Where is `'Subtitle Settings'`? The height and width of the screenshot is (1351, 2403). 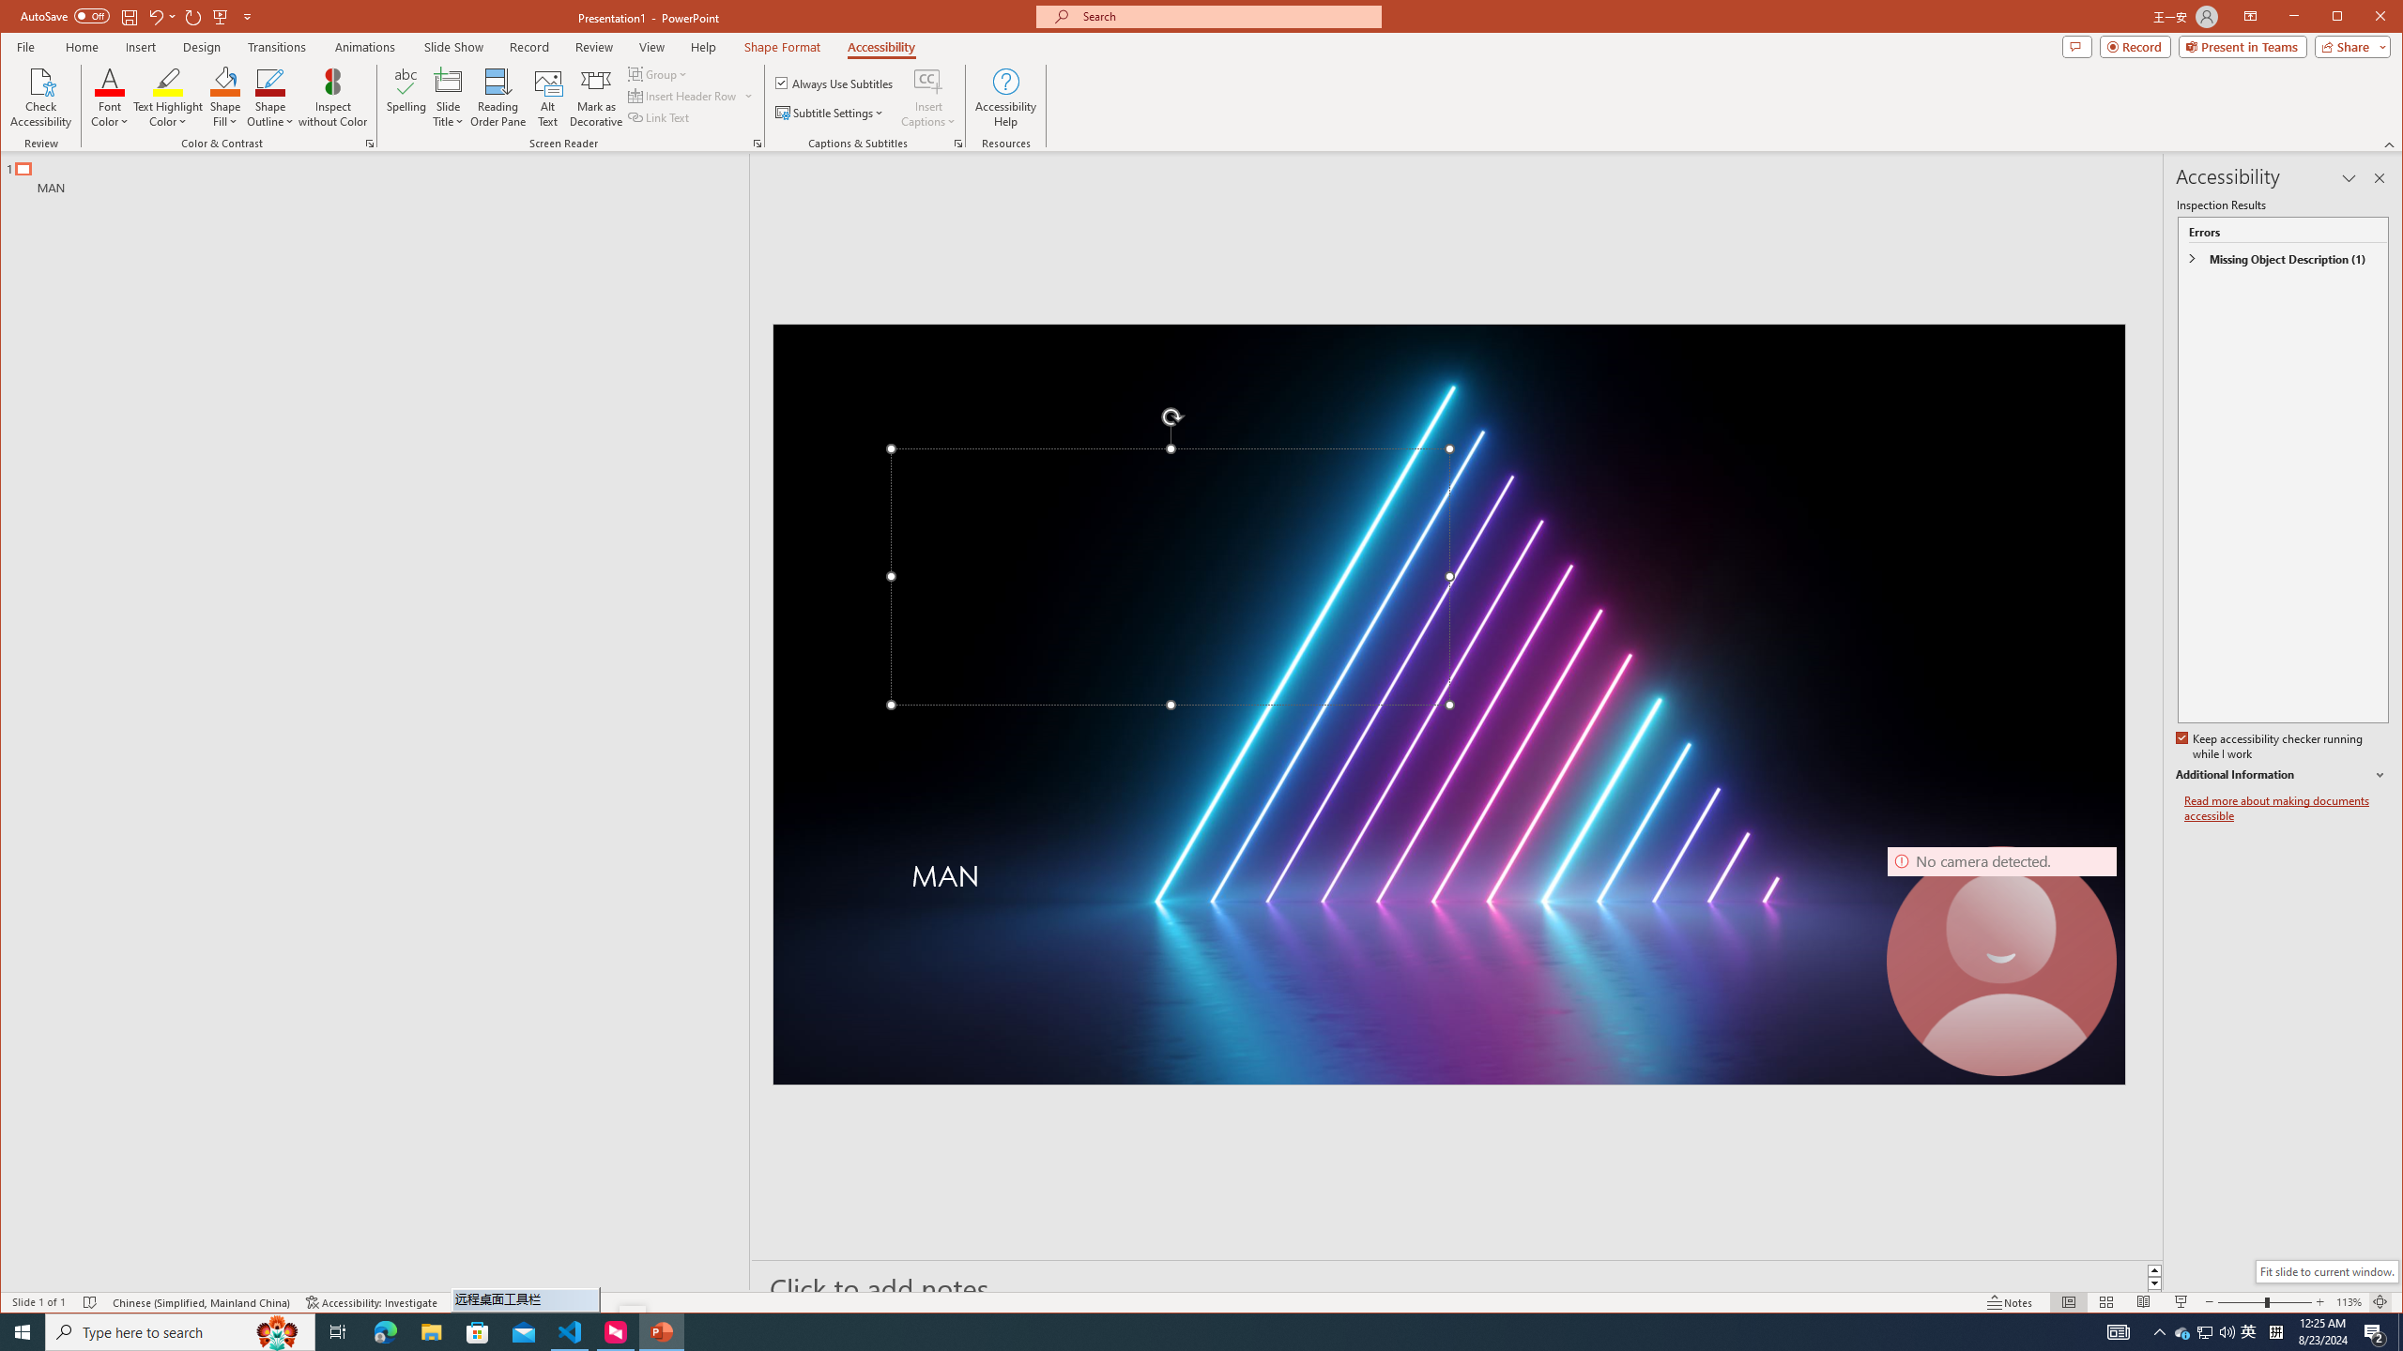 'Subtitle Settings' is located at coordinates (830, 112).